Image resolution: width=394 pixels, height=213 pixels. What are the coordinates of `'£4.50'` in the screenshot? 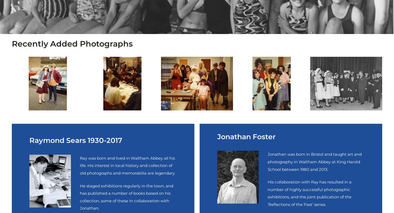 It's located at (270, 36).